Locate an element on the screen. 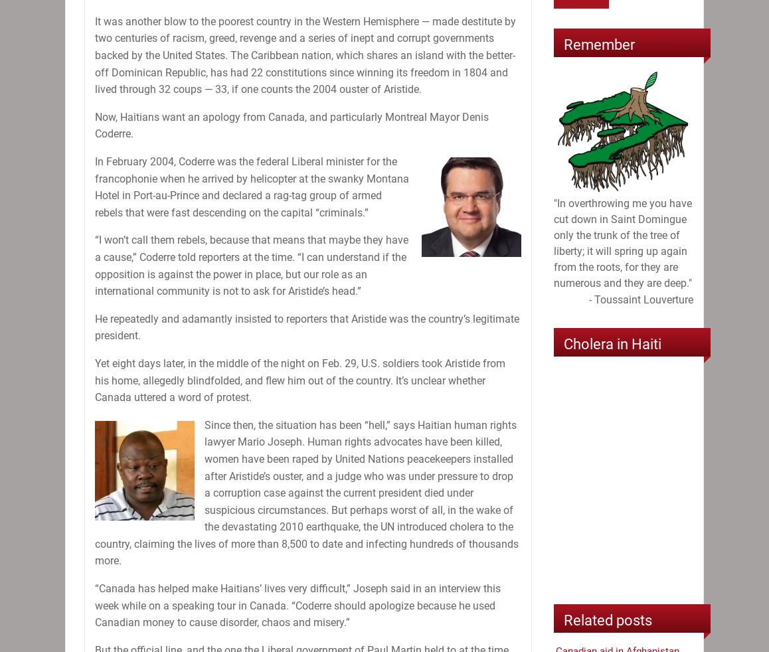 Image resolution: width=769 pixels, height=652 pixels. '“Canada has helped make Haitians’ lives very difficult,” Joseph said in an interview this week while on a speaking tour in Canada. “Coderre should apologize because he used Canadian money to cause disorder, chaos and misery.”' is located at coordinates (298, 605).